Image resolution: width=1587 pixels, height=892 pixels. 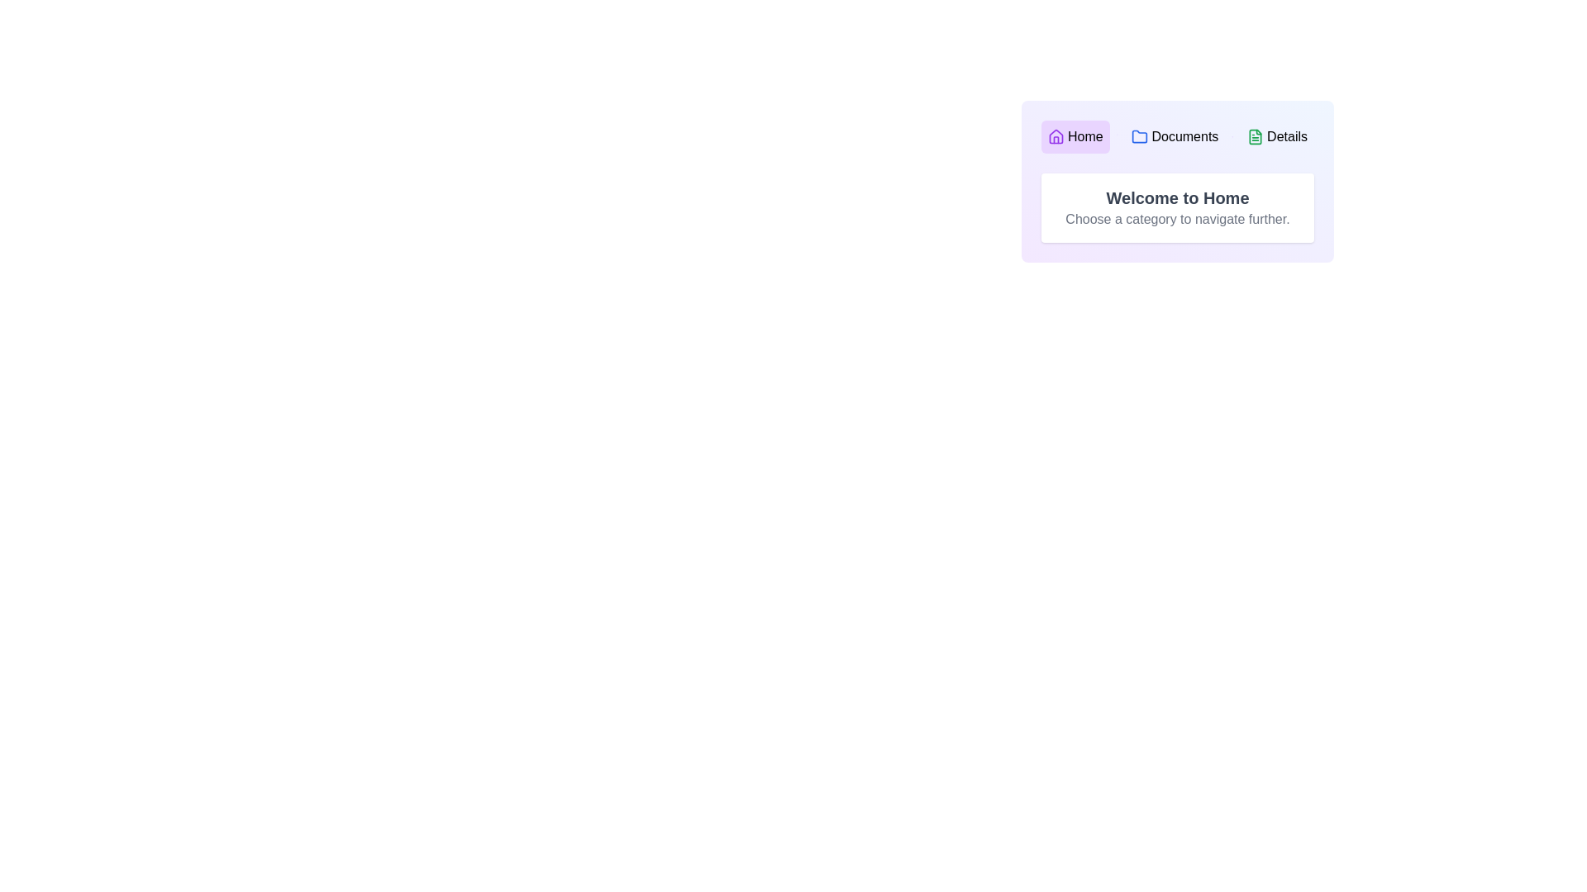 I want to click on the text label that displays 'Welcome to Home' in bold, larger size, and dark gray color, positioned above the category navigation text and below the navigational tabs, so click(x=1177, y=197).